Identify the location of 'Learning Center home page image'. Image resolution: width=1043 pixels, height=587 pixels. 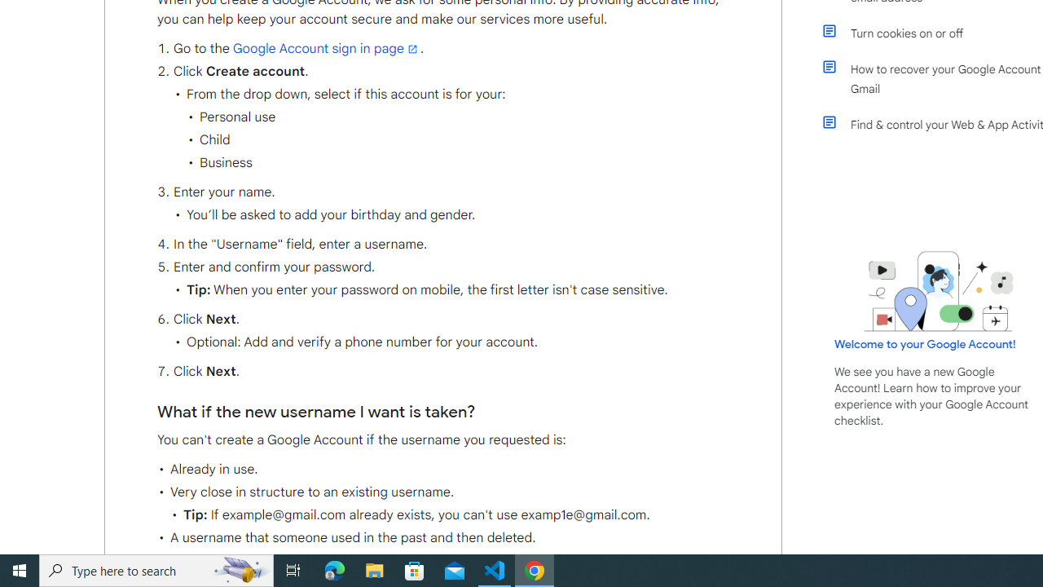
(939, 290).